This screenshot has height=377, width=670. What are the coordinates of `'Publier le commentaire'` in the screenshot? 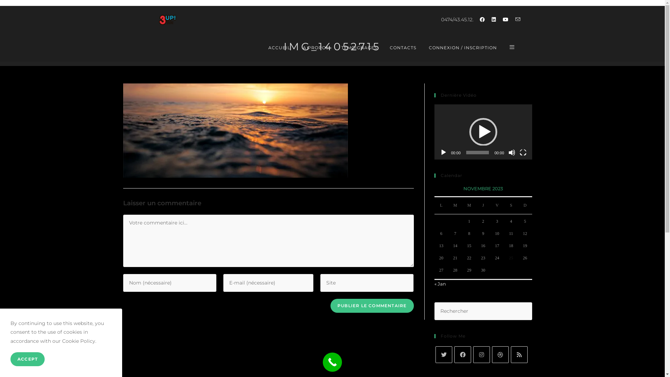 It's located at (371, 305).